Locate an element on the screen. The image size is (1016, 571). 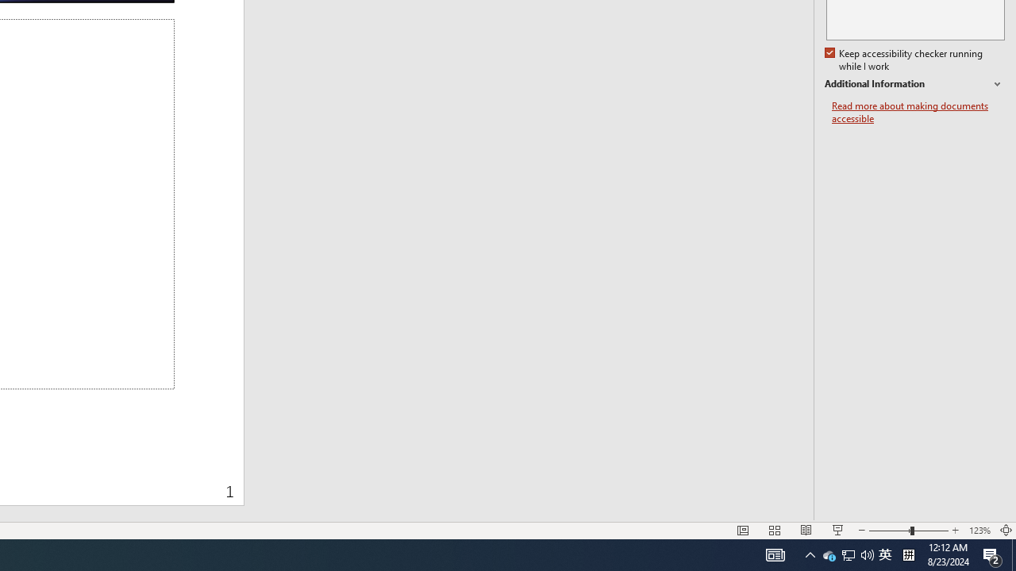
'Action Center, 2 new notifications' is located at coordinates (992, 554).